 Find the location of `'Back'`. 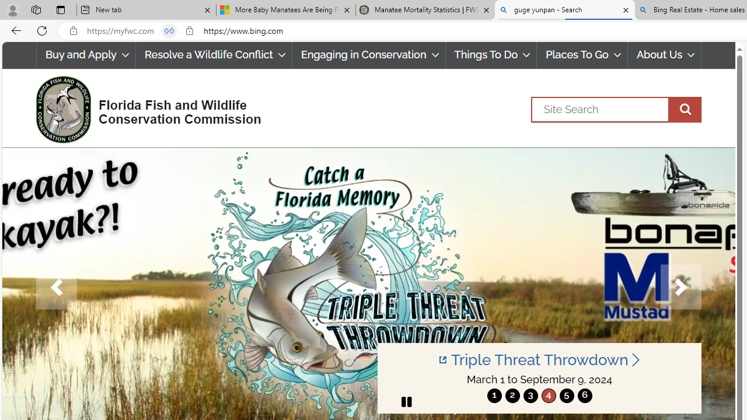

'Back' is located at coordinates (14, 30).